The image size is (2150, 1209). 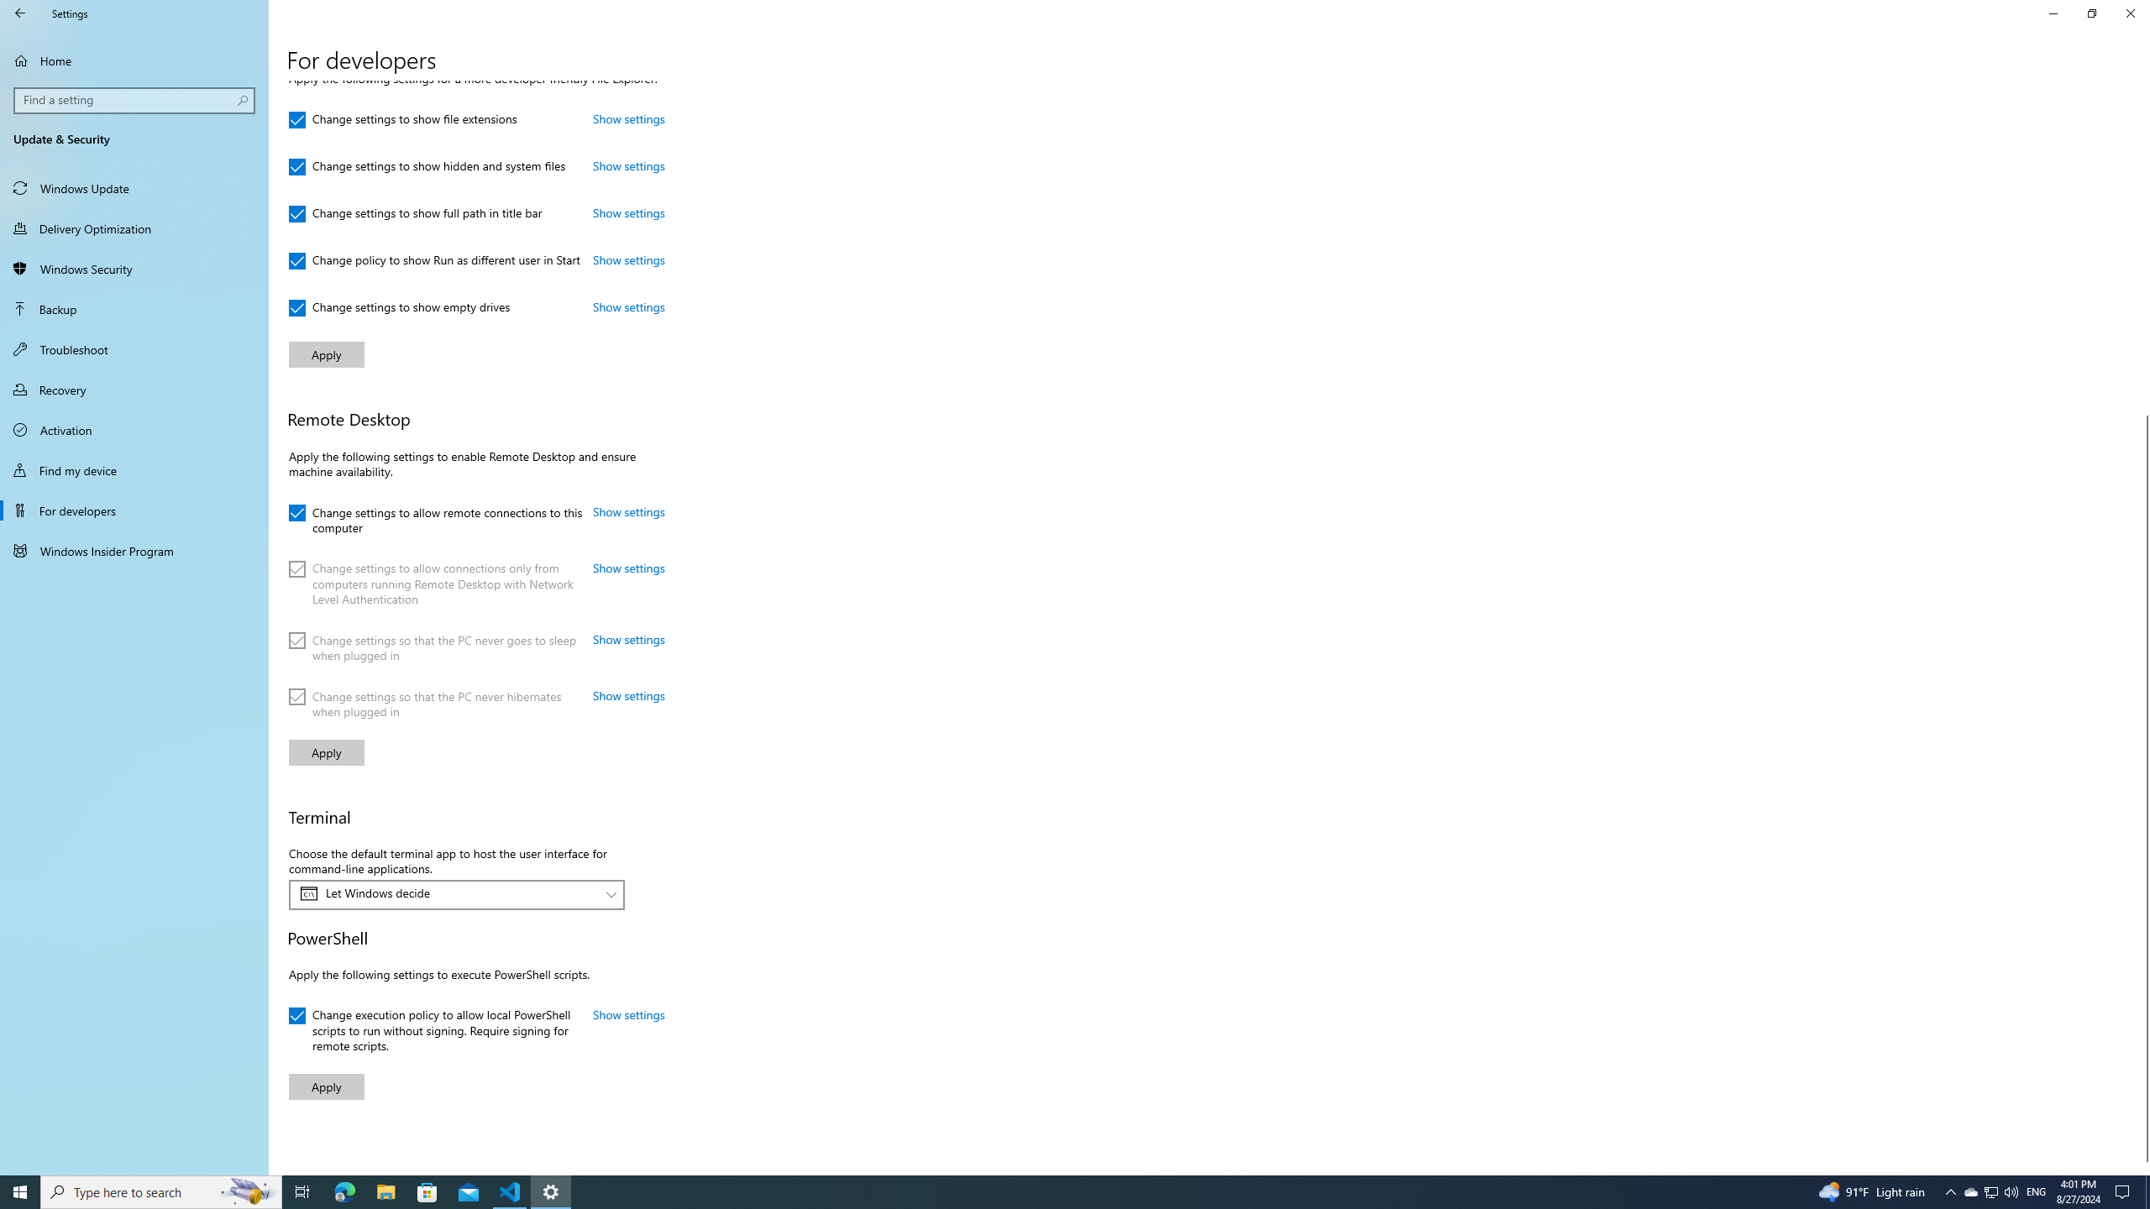 What do you see at coordinates (2142, 86) in the screenshot?
I see `'Vertical Small Decrease'` at bounding box center [2142, 86].